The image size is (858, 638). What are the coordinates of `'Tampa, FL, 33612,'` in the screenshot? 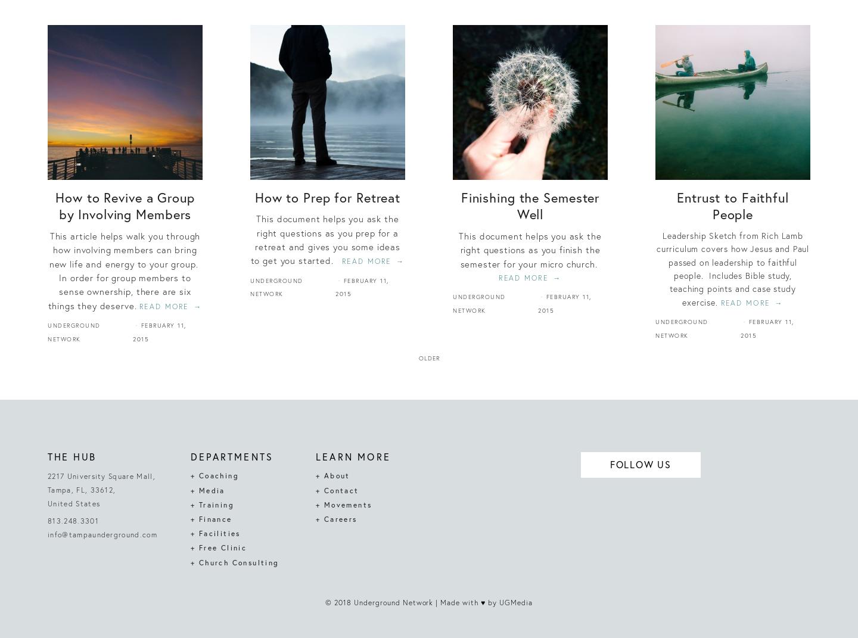 It's located at (80, 488).